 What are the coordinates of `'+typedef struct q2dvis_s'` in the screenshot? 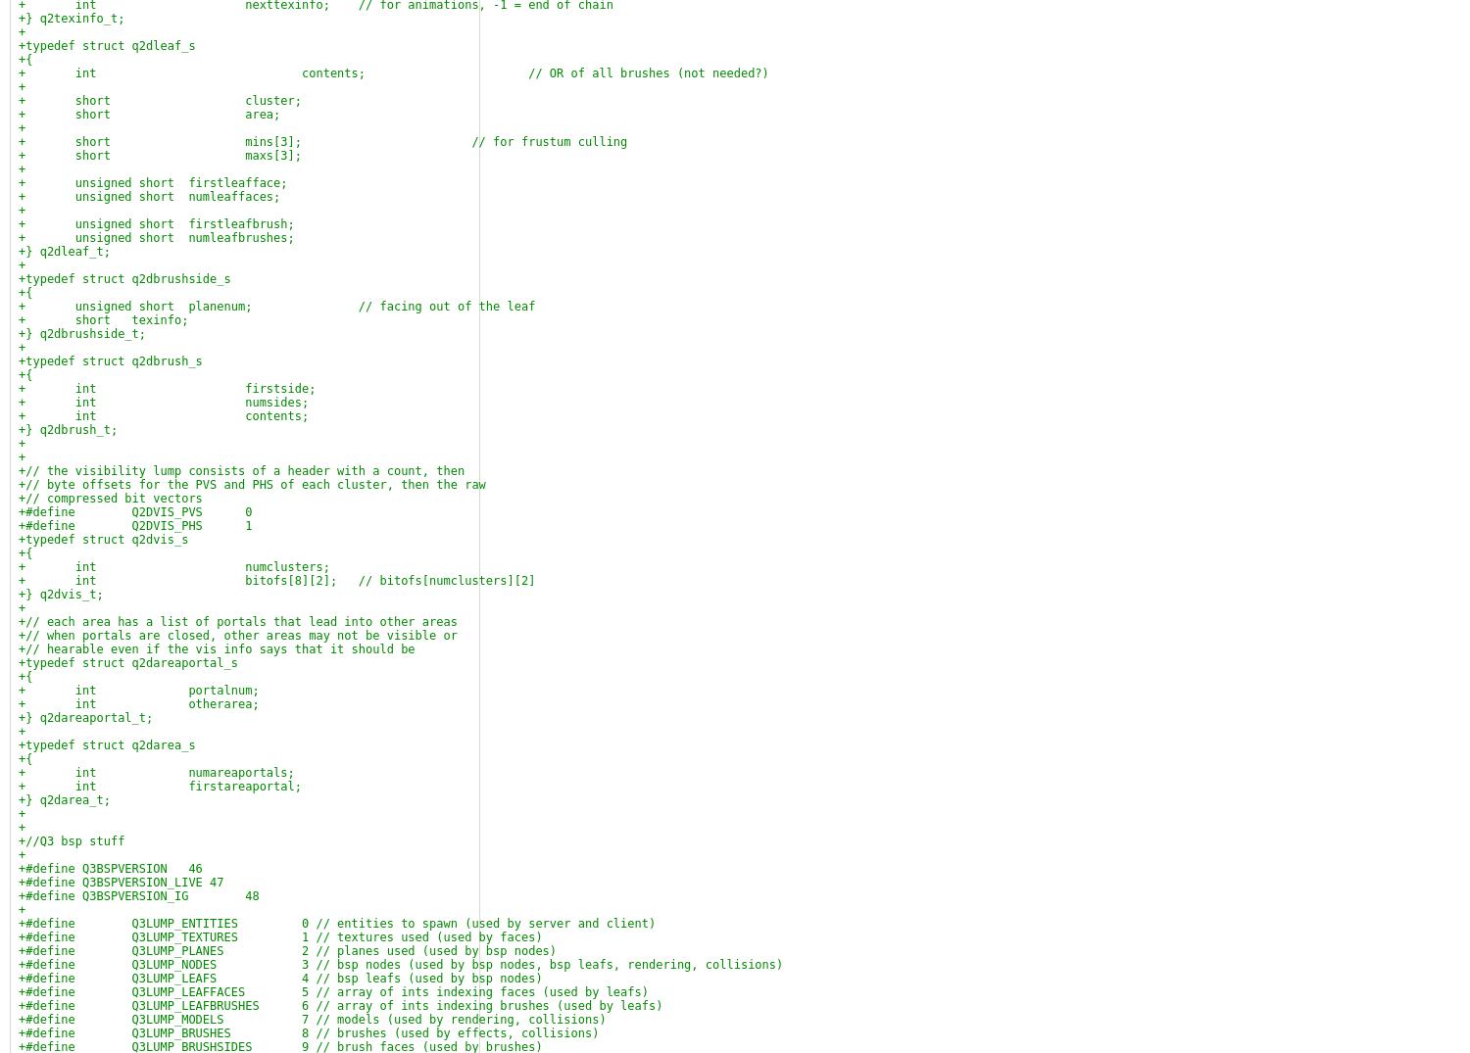 It's located at (102, 540).